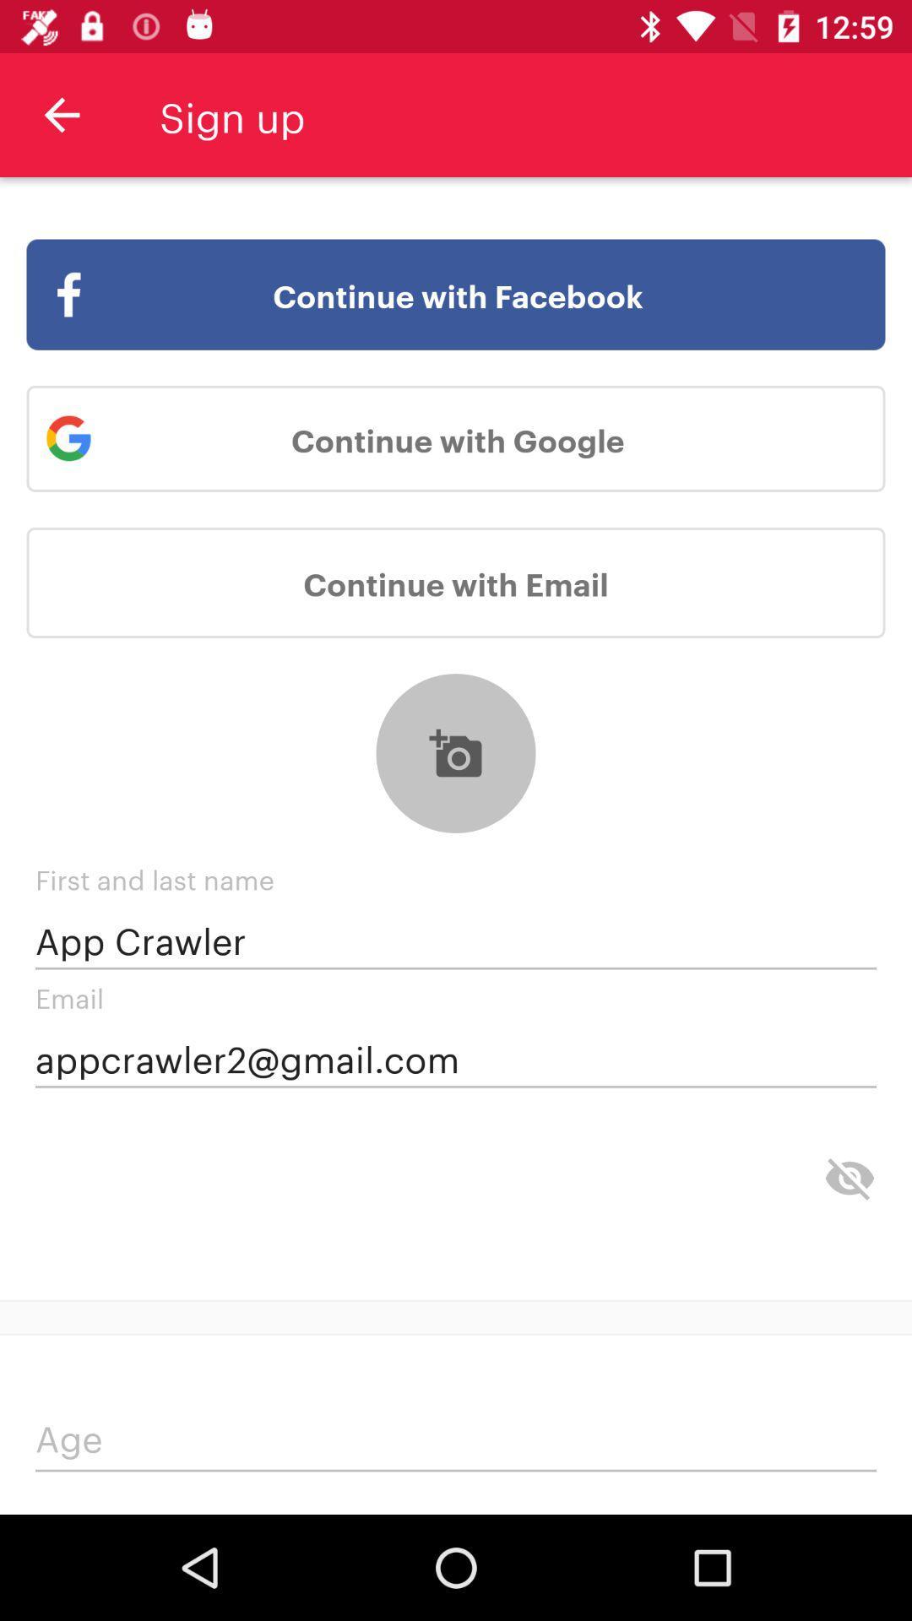  What do you see at coordinates (850, 1178) in the screenshot?
I see `the show icon` at bounding box center [850, 1178].